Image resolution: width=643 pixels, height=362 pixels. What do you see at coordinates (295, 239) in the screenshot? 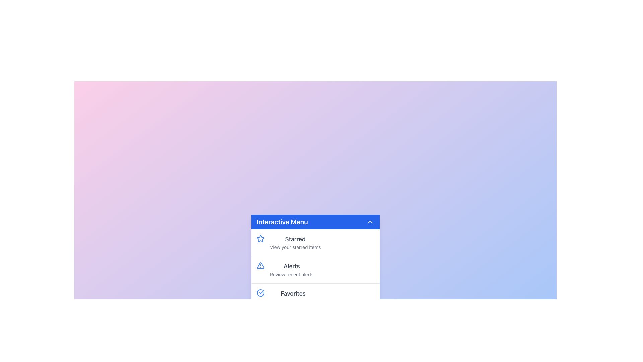
I see `the 'Starred' label, which is a bold, medium-sized text in muted gray, located in the Interactive Menu above the description 'View your starred items'` at bounding box center [295, 239].